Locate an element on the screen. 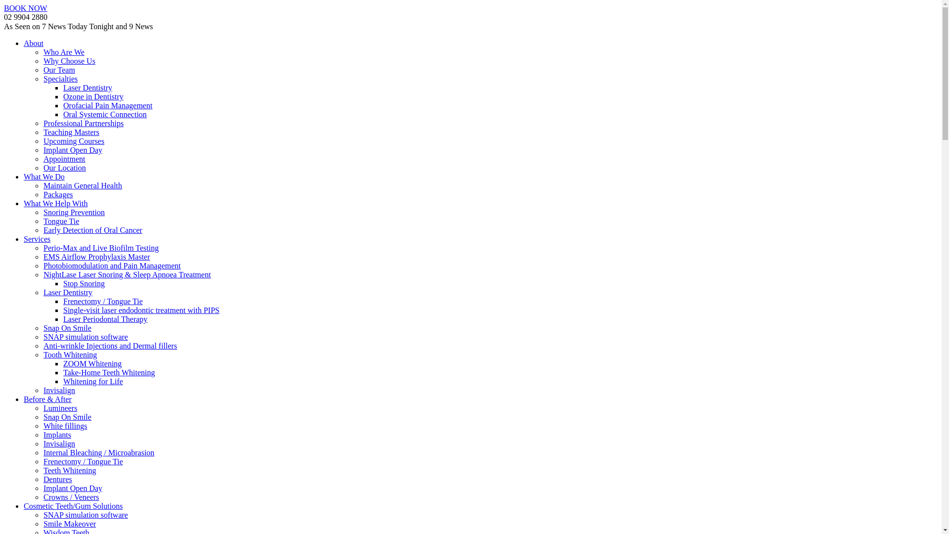 The width and height of the screenshot is (949, 534). 'Whitening for Life' is located at coordinates (93, 381).